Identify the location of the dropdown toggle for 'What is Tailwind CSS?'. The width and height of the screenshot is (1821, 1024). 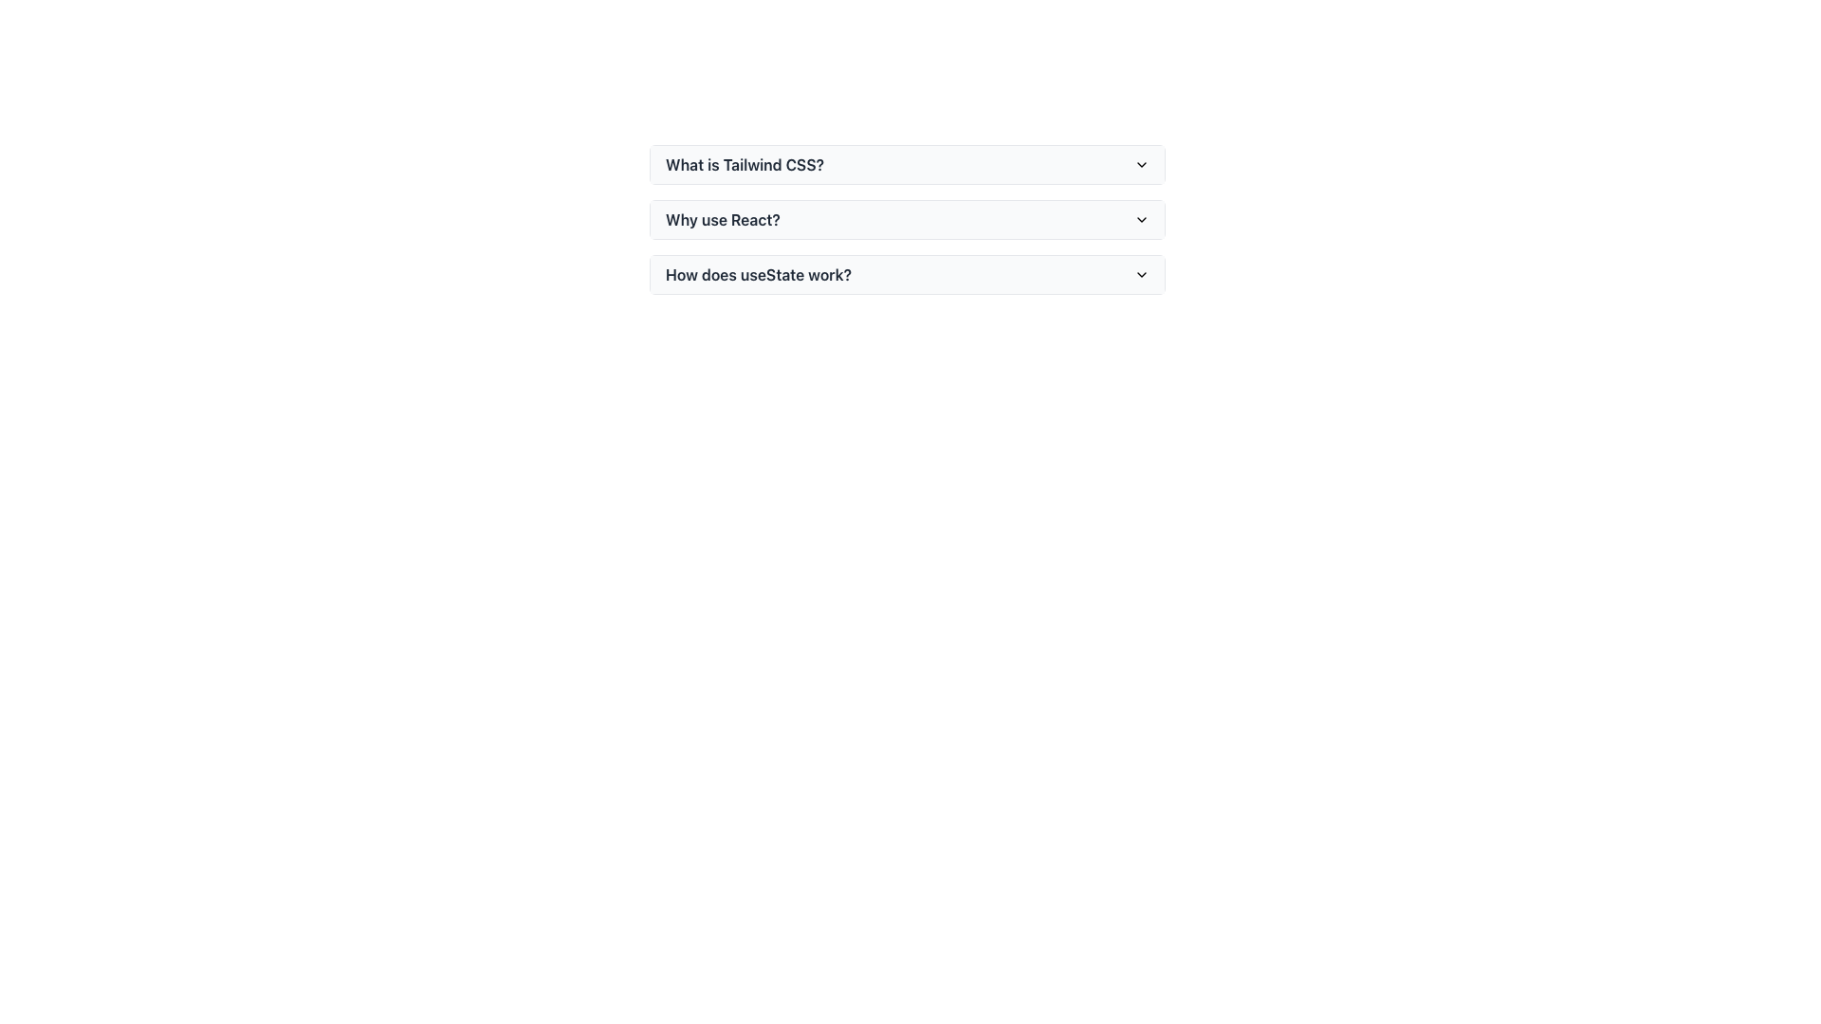
(906, 163).